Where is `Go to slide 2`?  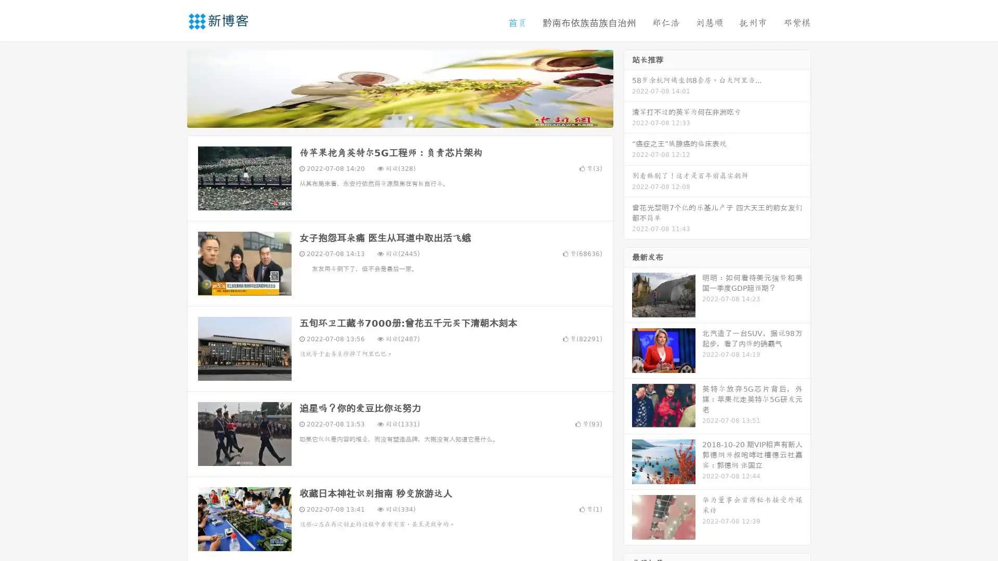 Go to slide 2 is located at coordinates (399, 117).